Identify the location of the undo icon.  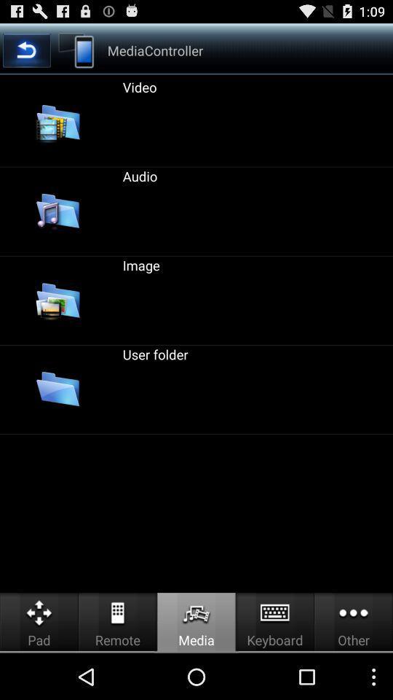
(34, 52).